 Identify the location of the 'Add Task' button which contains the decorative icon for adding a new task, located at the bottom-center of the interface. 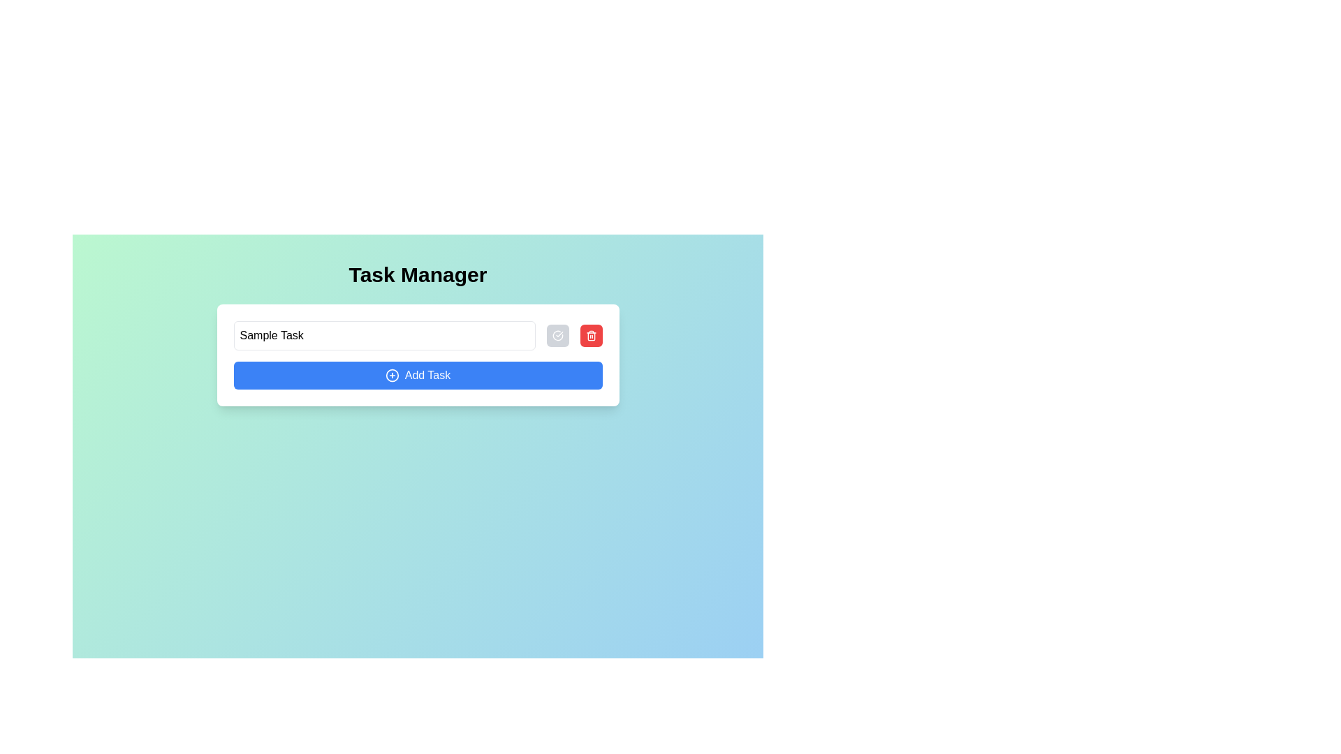
(391, 374).